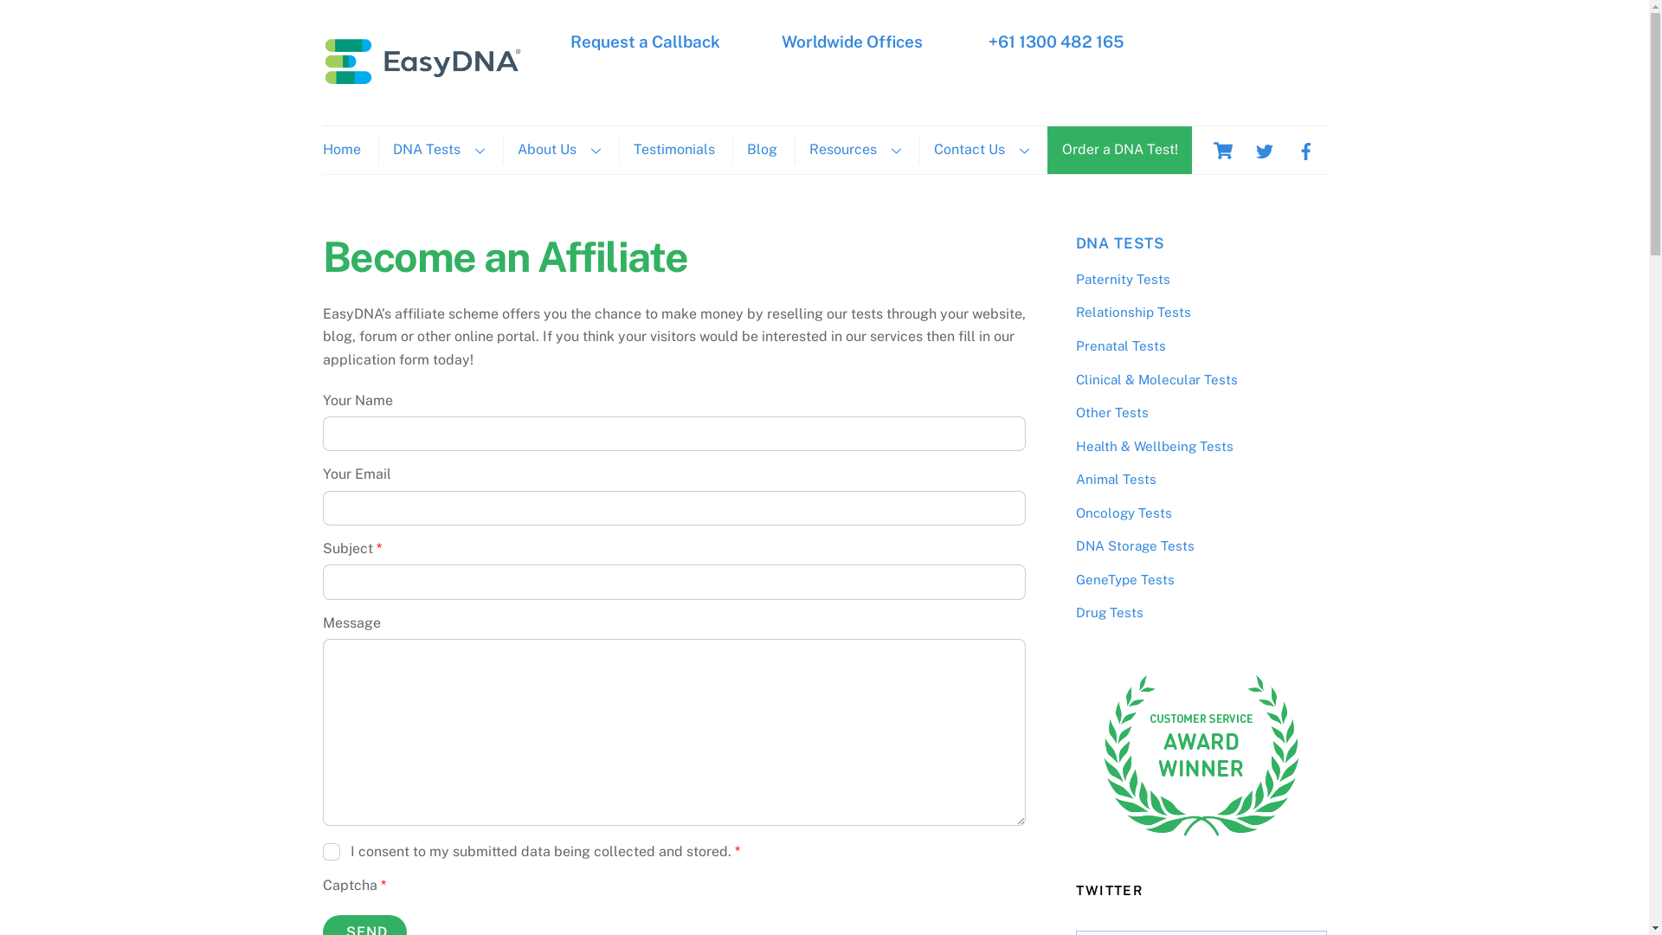  Describe the element at coordinates (1122, 278) in the screenshot. I see `'Paternity Tests'` at that location.